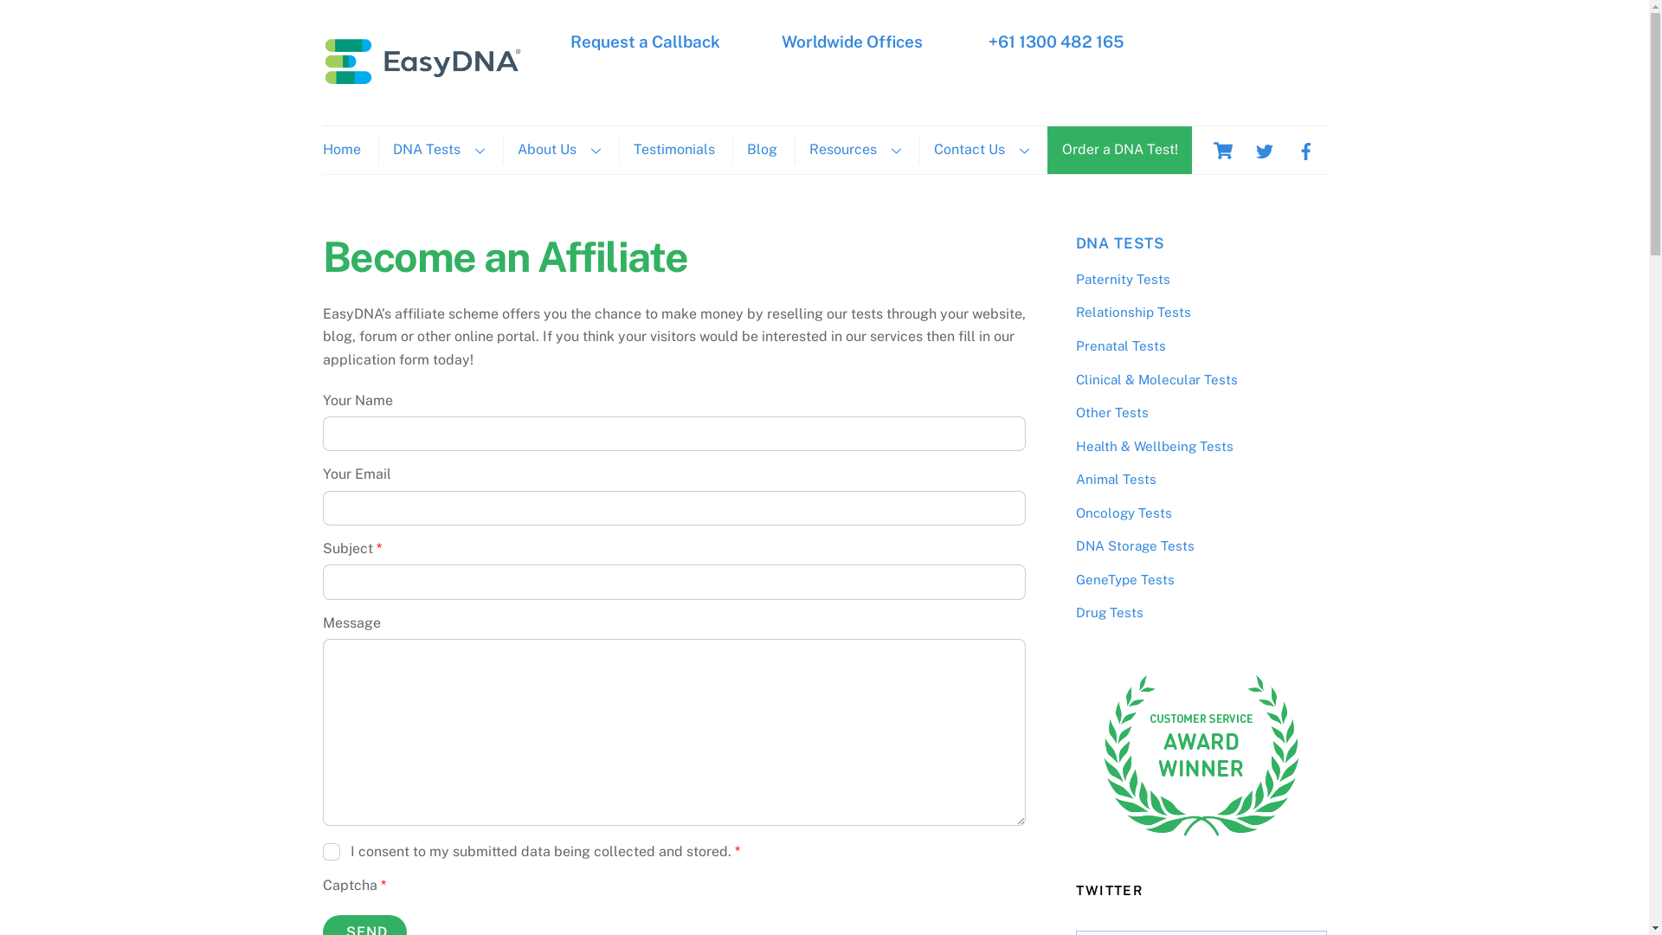  Describe the element at coordinates (1122, 278) in the screenshot. I see `'Paternity Tests'` at that location.